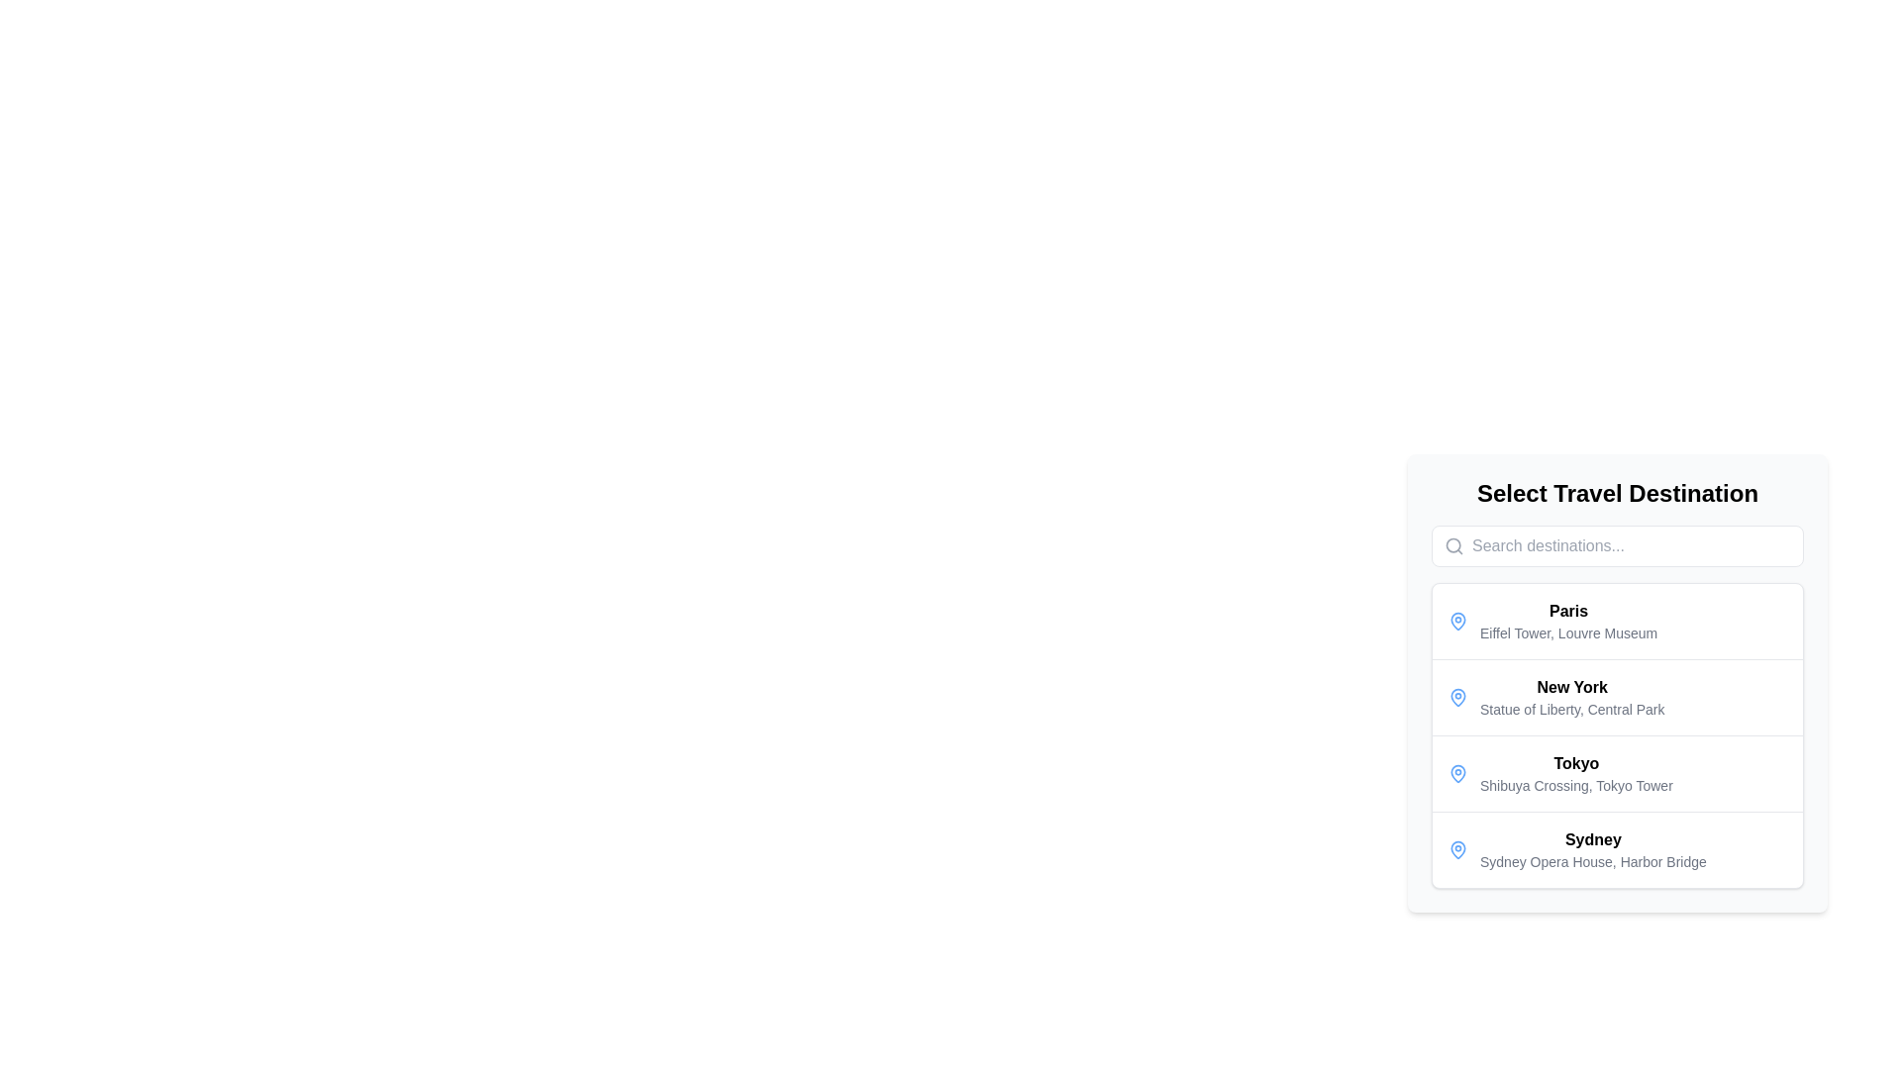 Image resolution: width=1901 pixels, height=1069 pixels. What do you see at coordinates (1593, 839) in the screenshot?
I see `the label displaying the city name 'Sydney'` at bounding box center [1593, 839].